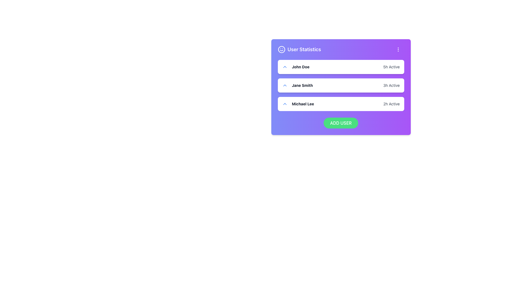  Describe the element at coordinates (398, 49) in the screenshot. I see `the options icon located in the top-right corner of the panel with a purple gradient background` at that location.